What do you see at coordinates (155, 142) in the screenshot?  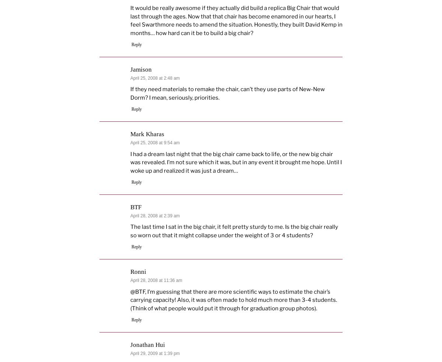 I see `'April 25, 2008 at 9:54 am'` at bounding box center [155, 142].